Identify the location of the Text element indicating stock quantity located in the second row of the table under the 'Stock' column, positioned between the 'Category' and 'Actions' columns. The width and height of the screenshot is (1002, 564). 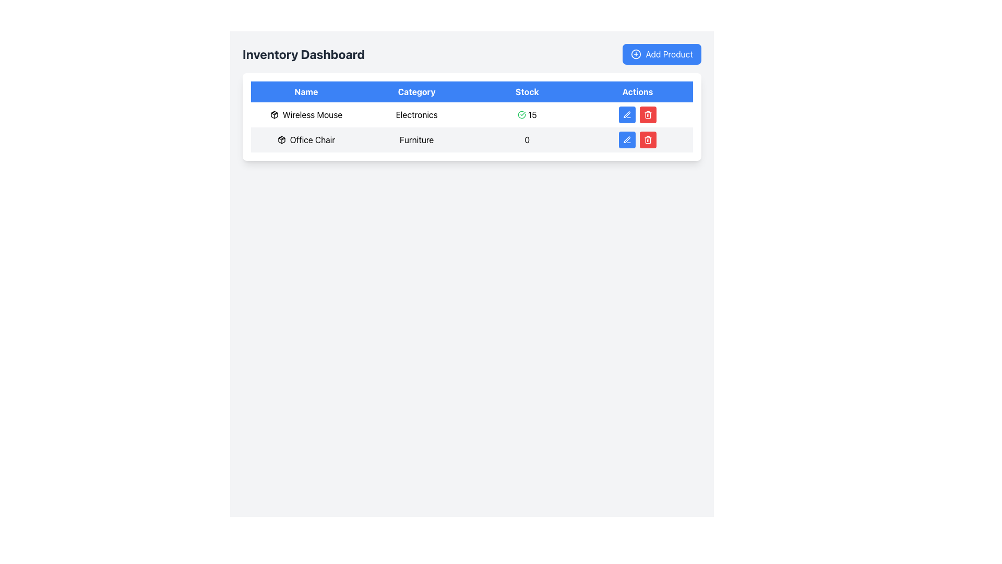
(527, 139).